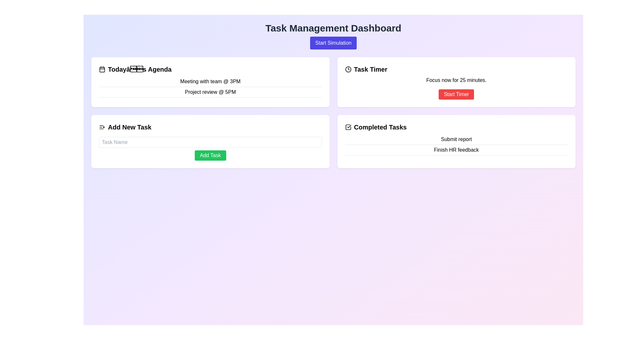 The height and width of the screenshot is (347, 617). I want to click on the bold, large-sized static text component displaying 'Task Management Dashboard' located at the top of the interface, so click(333, 28).